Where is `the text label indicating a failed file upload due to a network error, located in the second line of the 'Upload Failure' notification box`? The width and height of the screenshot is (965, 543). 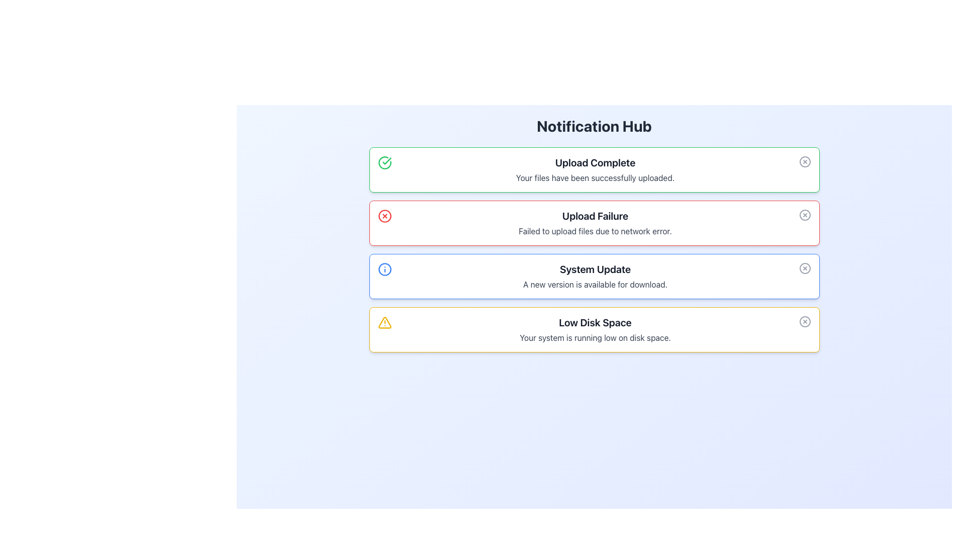 the text label indicating a failed file upload due to a network error, located in the second line of the 'Upload Failure' notification box is located at coordinates (595, 231).